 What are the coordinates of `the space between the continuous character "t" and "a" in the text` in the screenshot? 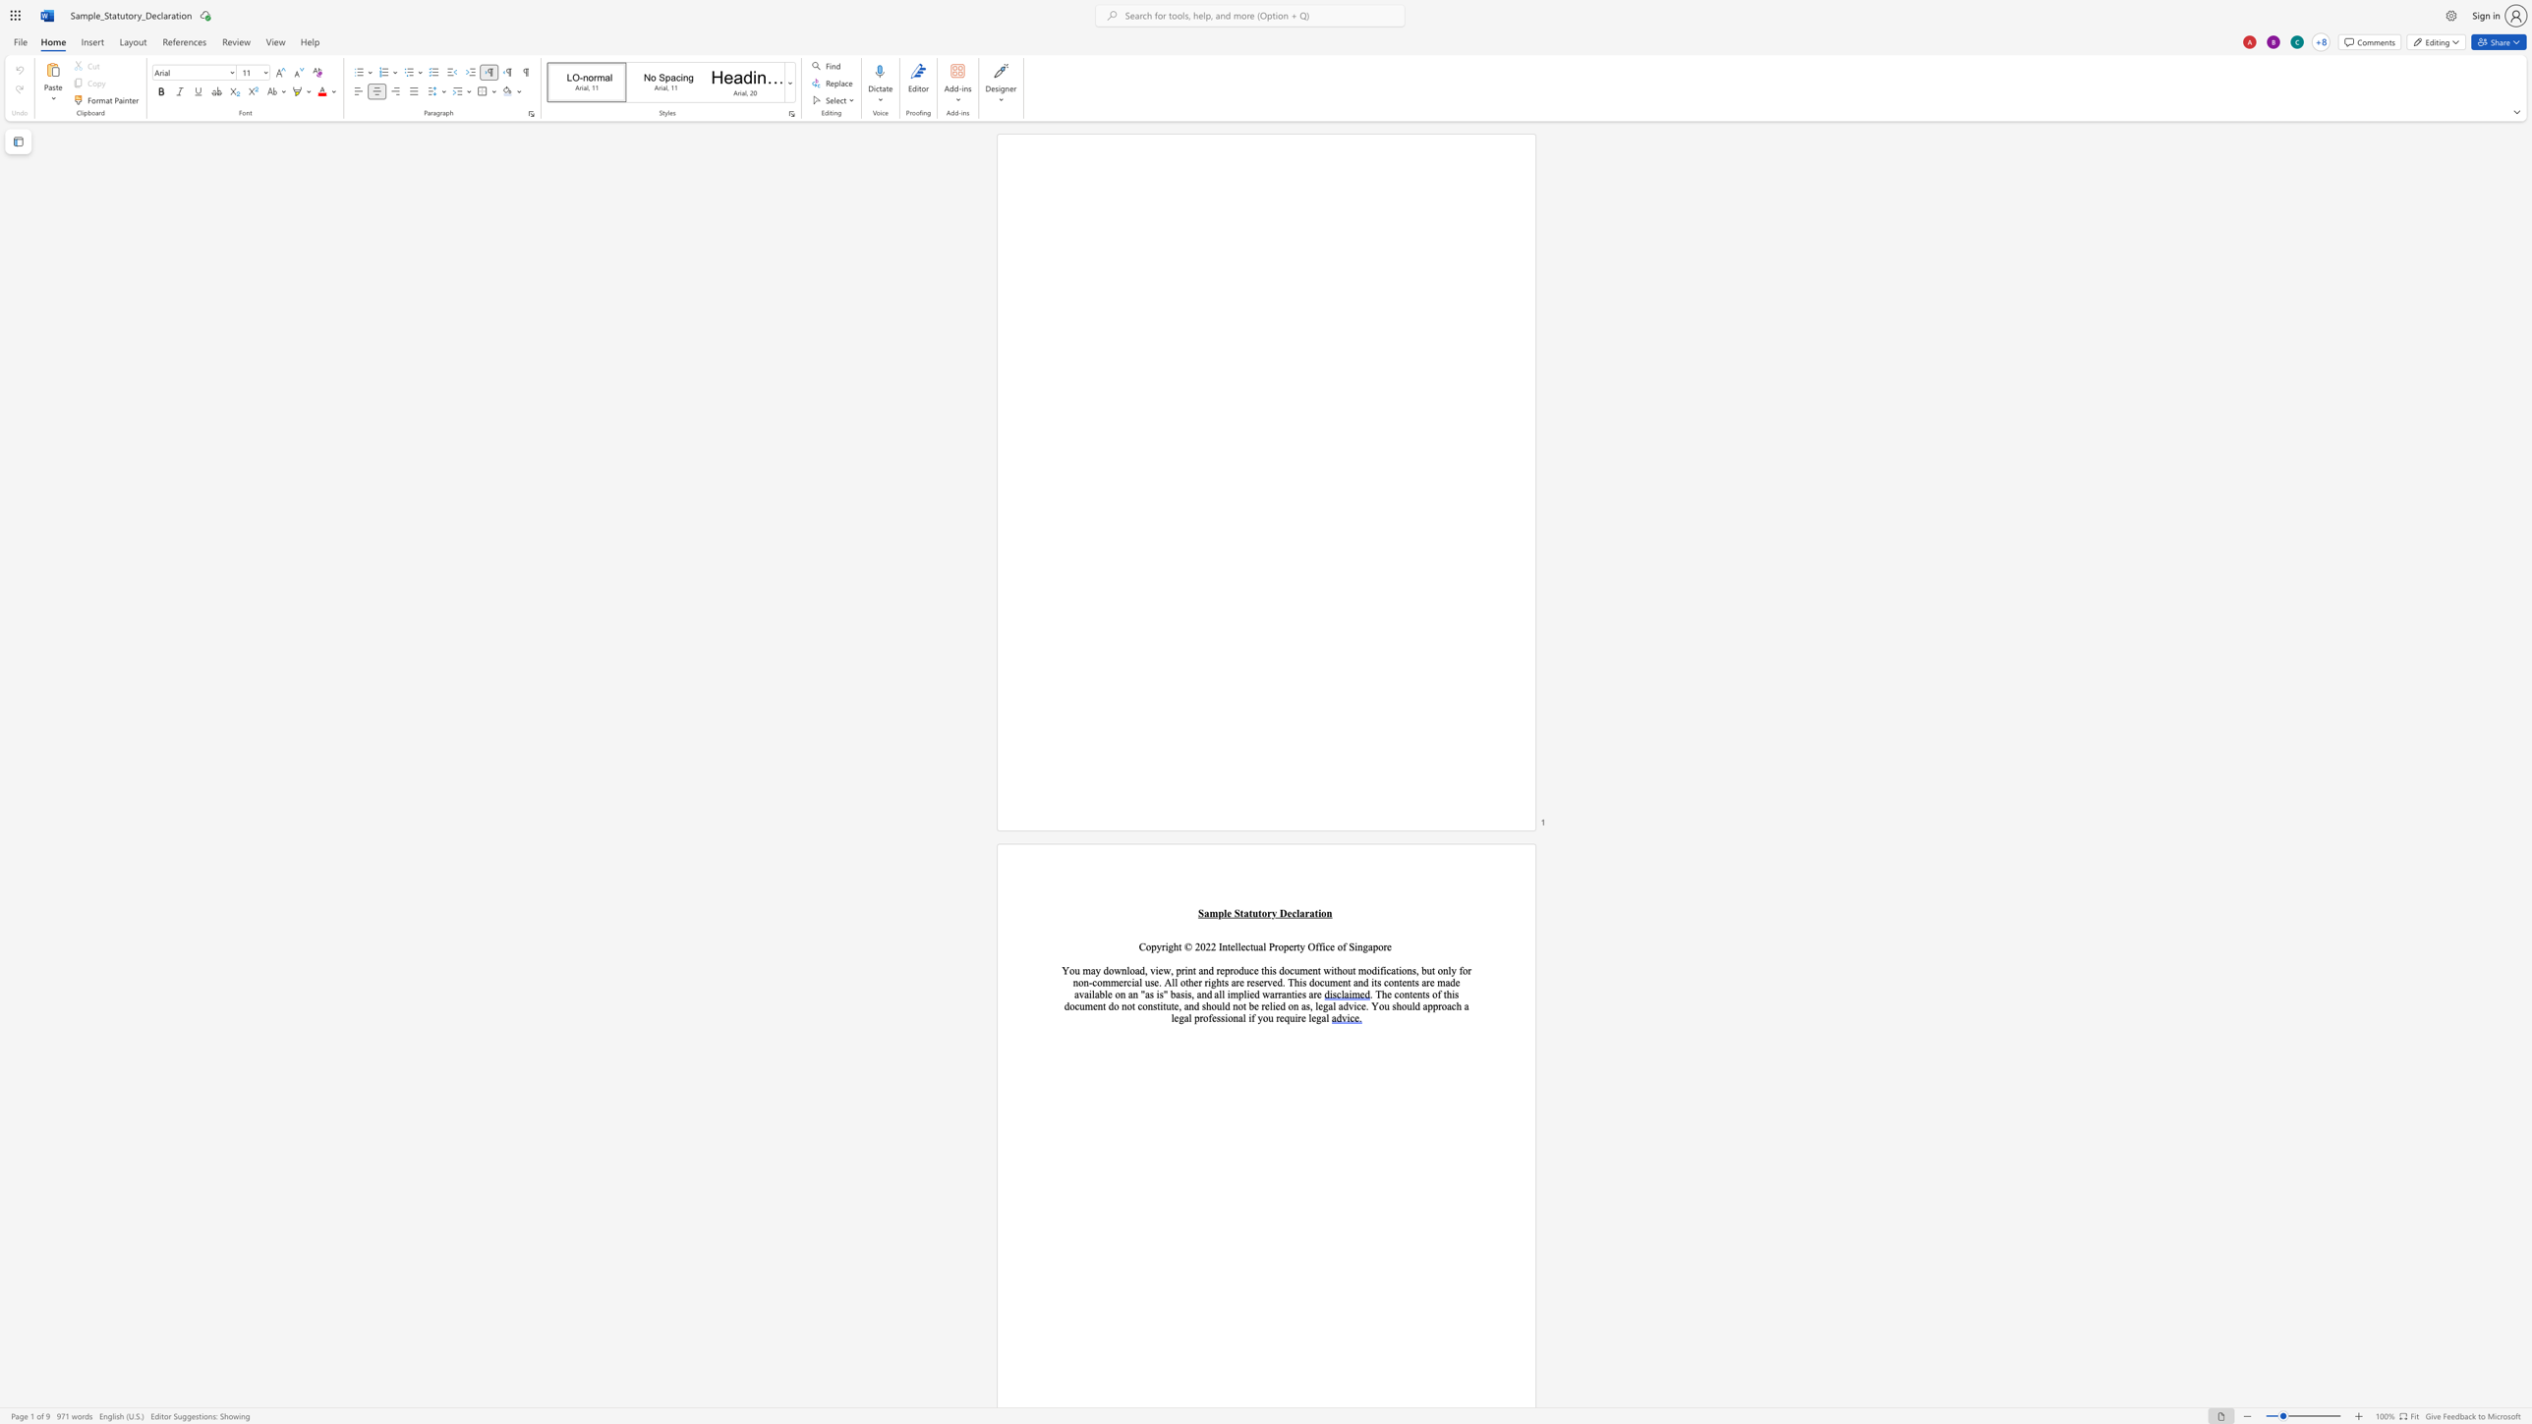 It's located at (1242, 913).